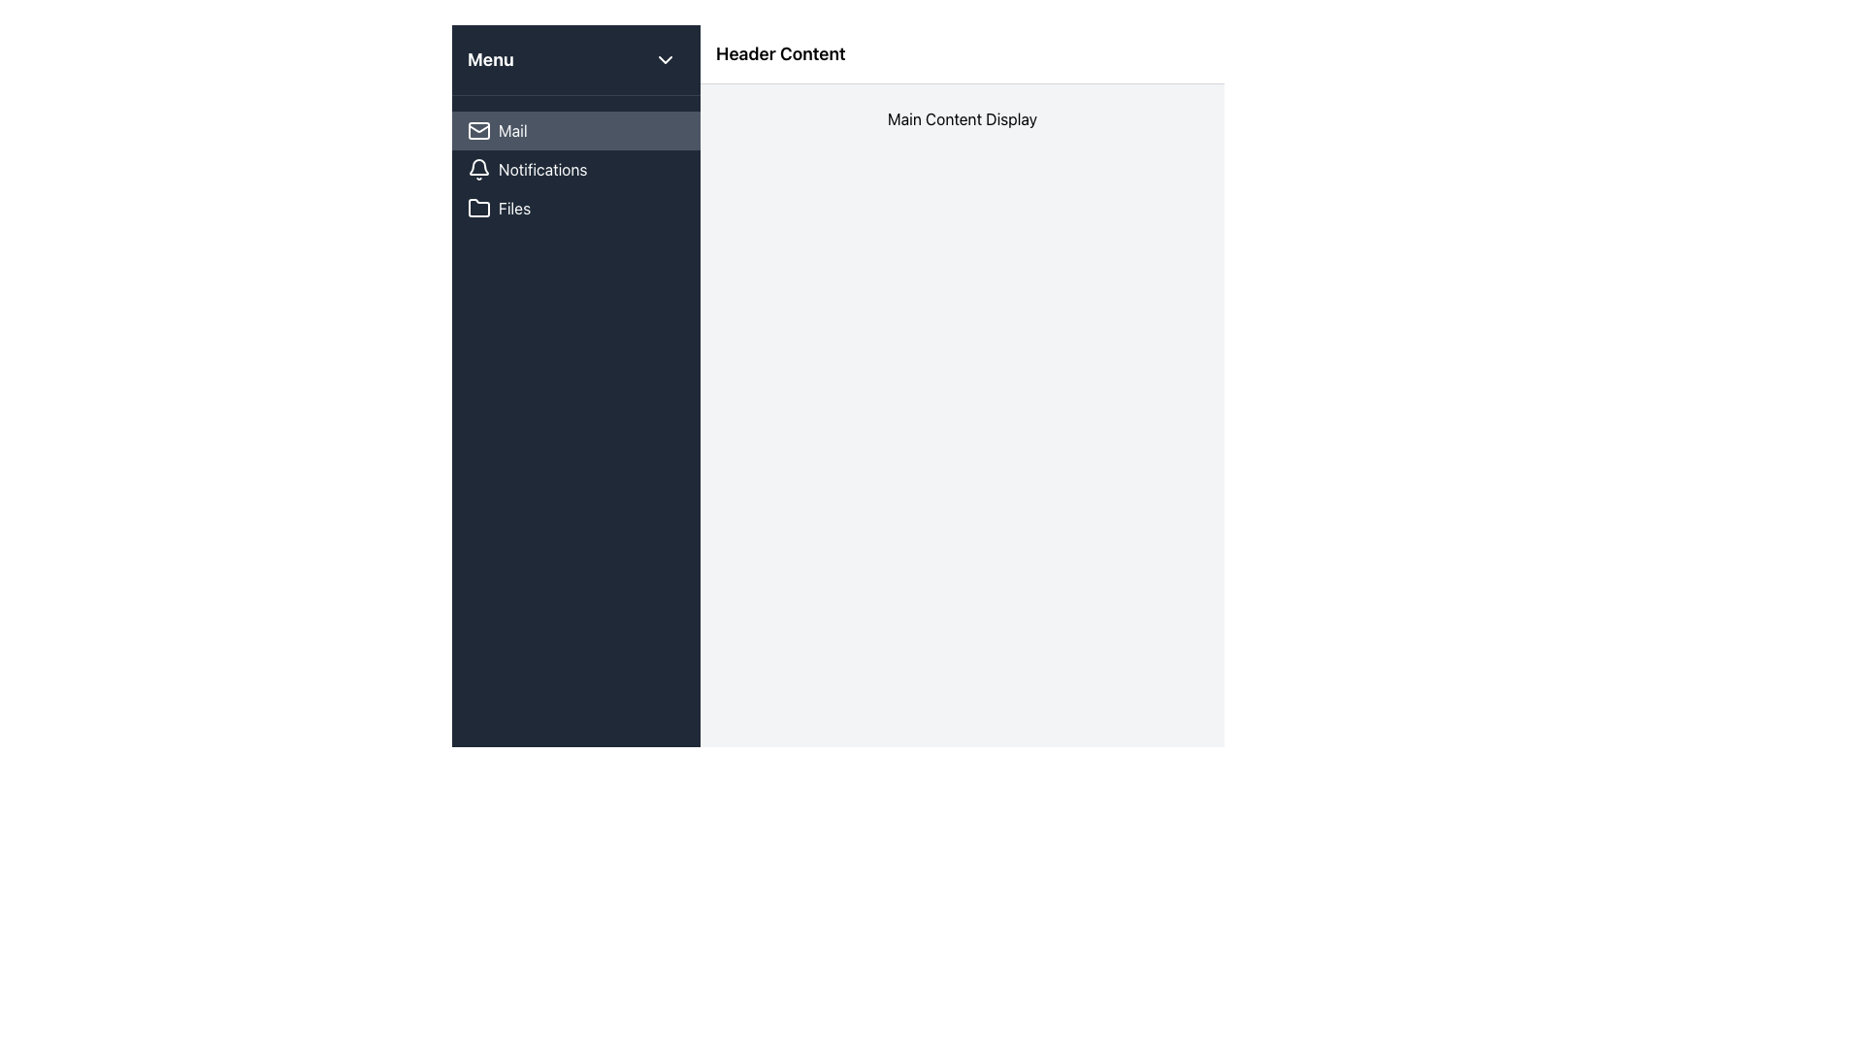  Describe the element at coordinates (479, 131) in the screenshot. I see `the envelope icon located to the left of the 'Mail' text label in the sidebar navigation menu` at that location.